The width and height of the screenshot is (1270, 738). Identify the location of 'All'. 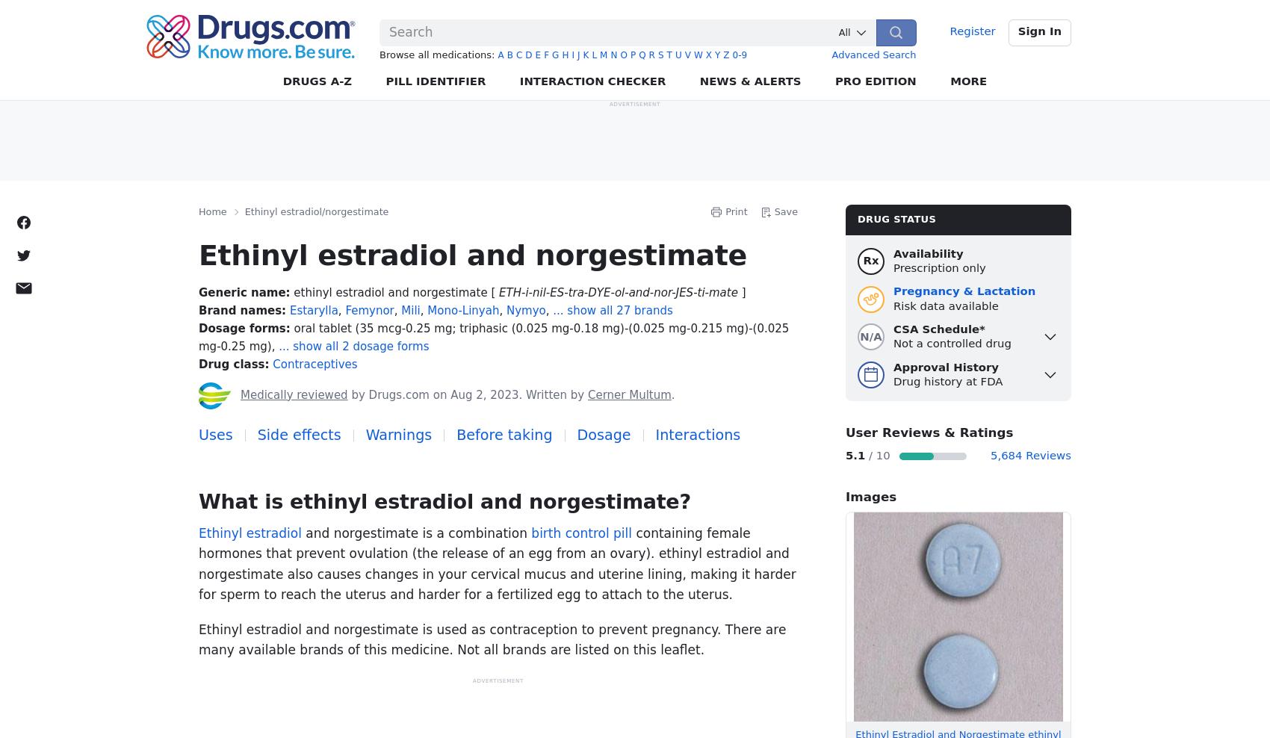
(843, 31).